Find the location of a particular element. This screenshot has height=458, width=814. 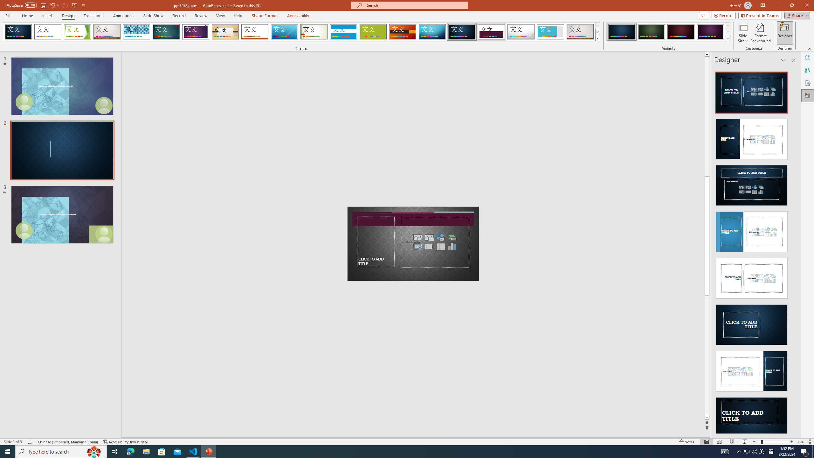

'Redo' is located at coordinates (65, 5).